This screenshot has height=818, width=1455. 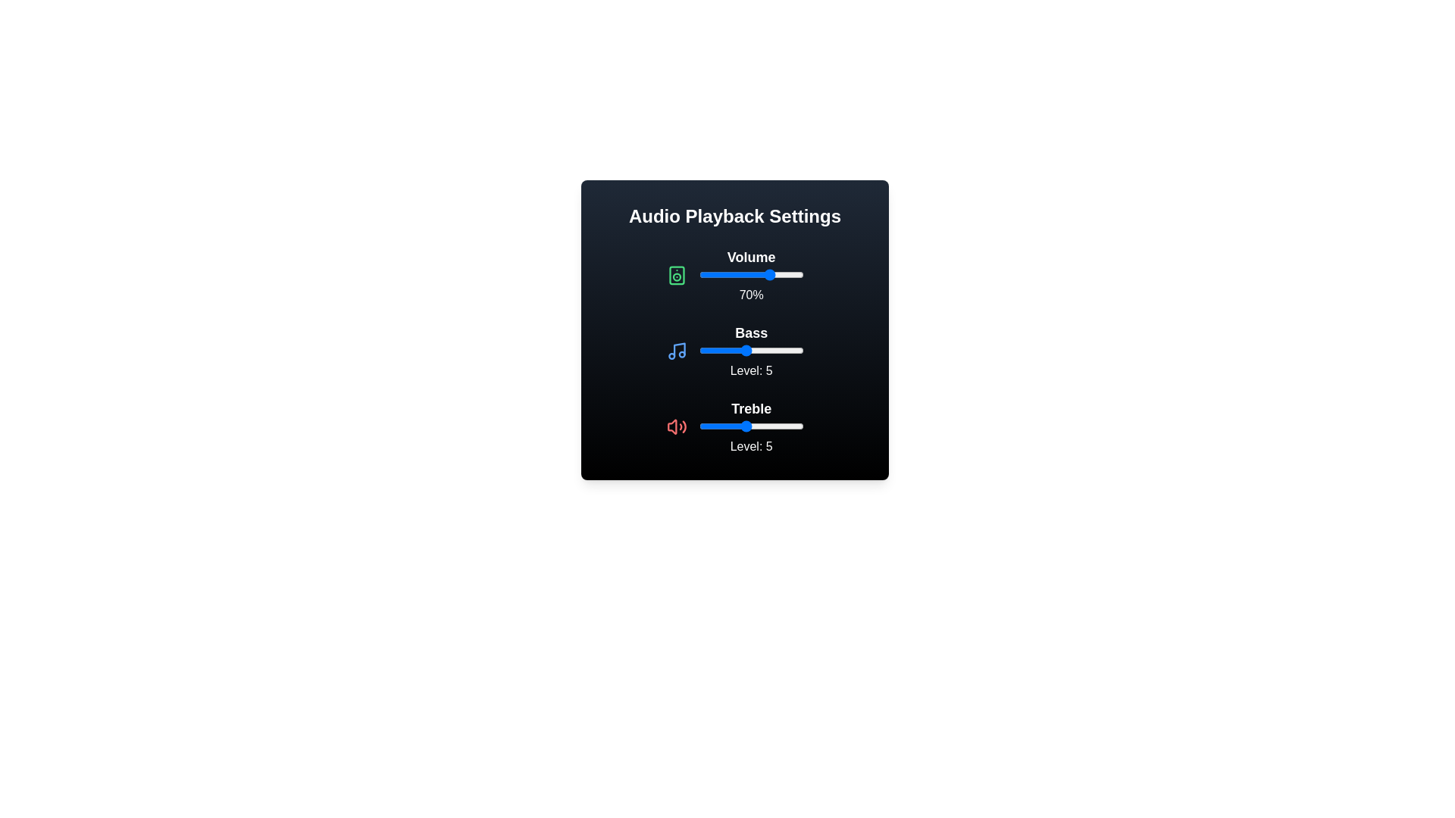 I want to click on the volume slider, so click(x=734, y=274).